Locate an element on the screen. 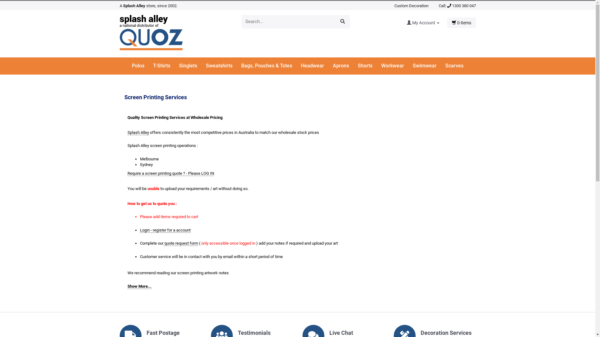 This screenshot has height=337, width=600. 'Login - register for a account' is located at coordinates (165, 230).